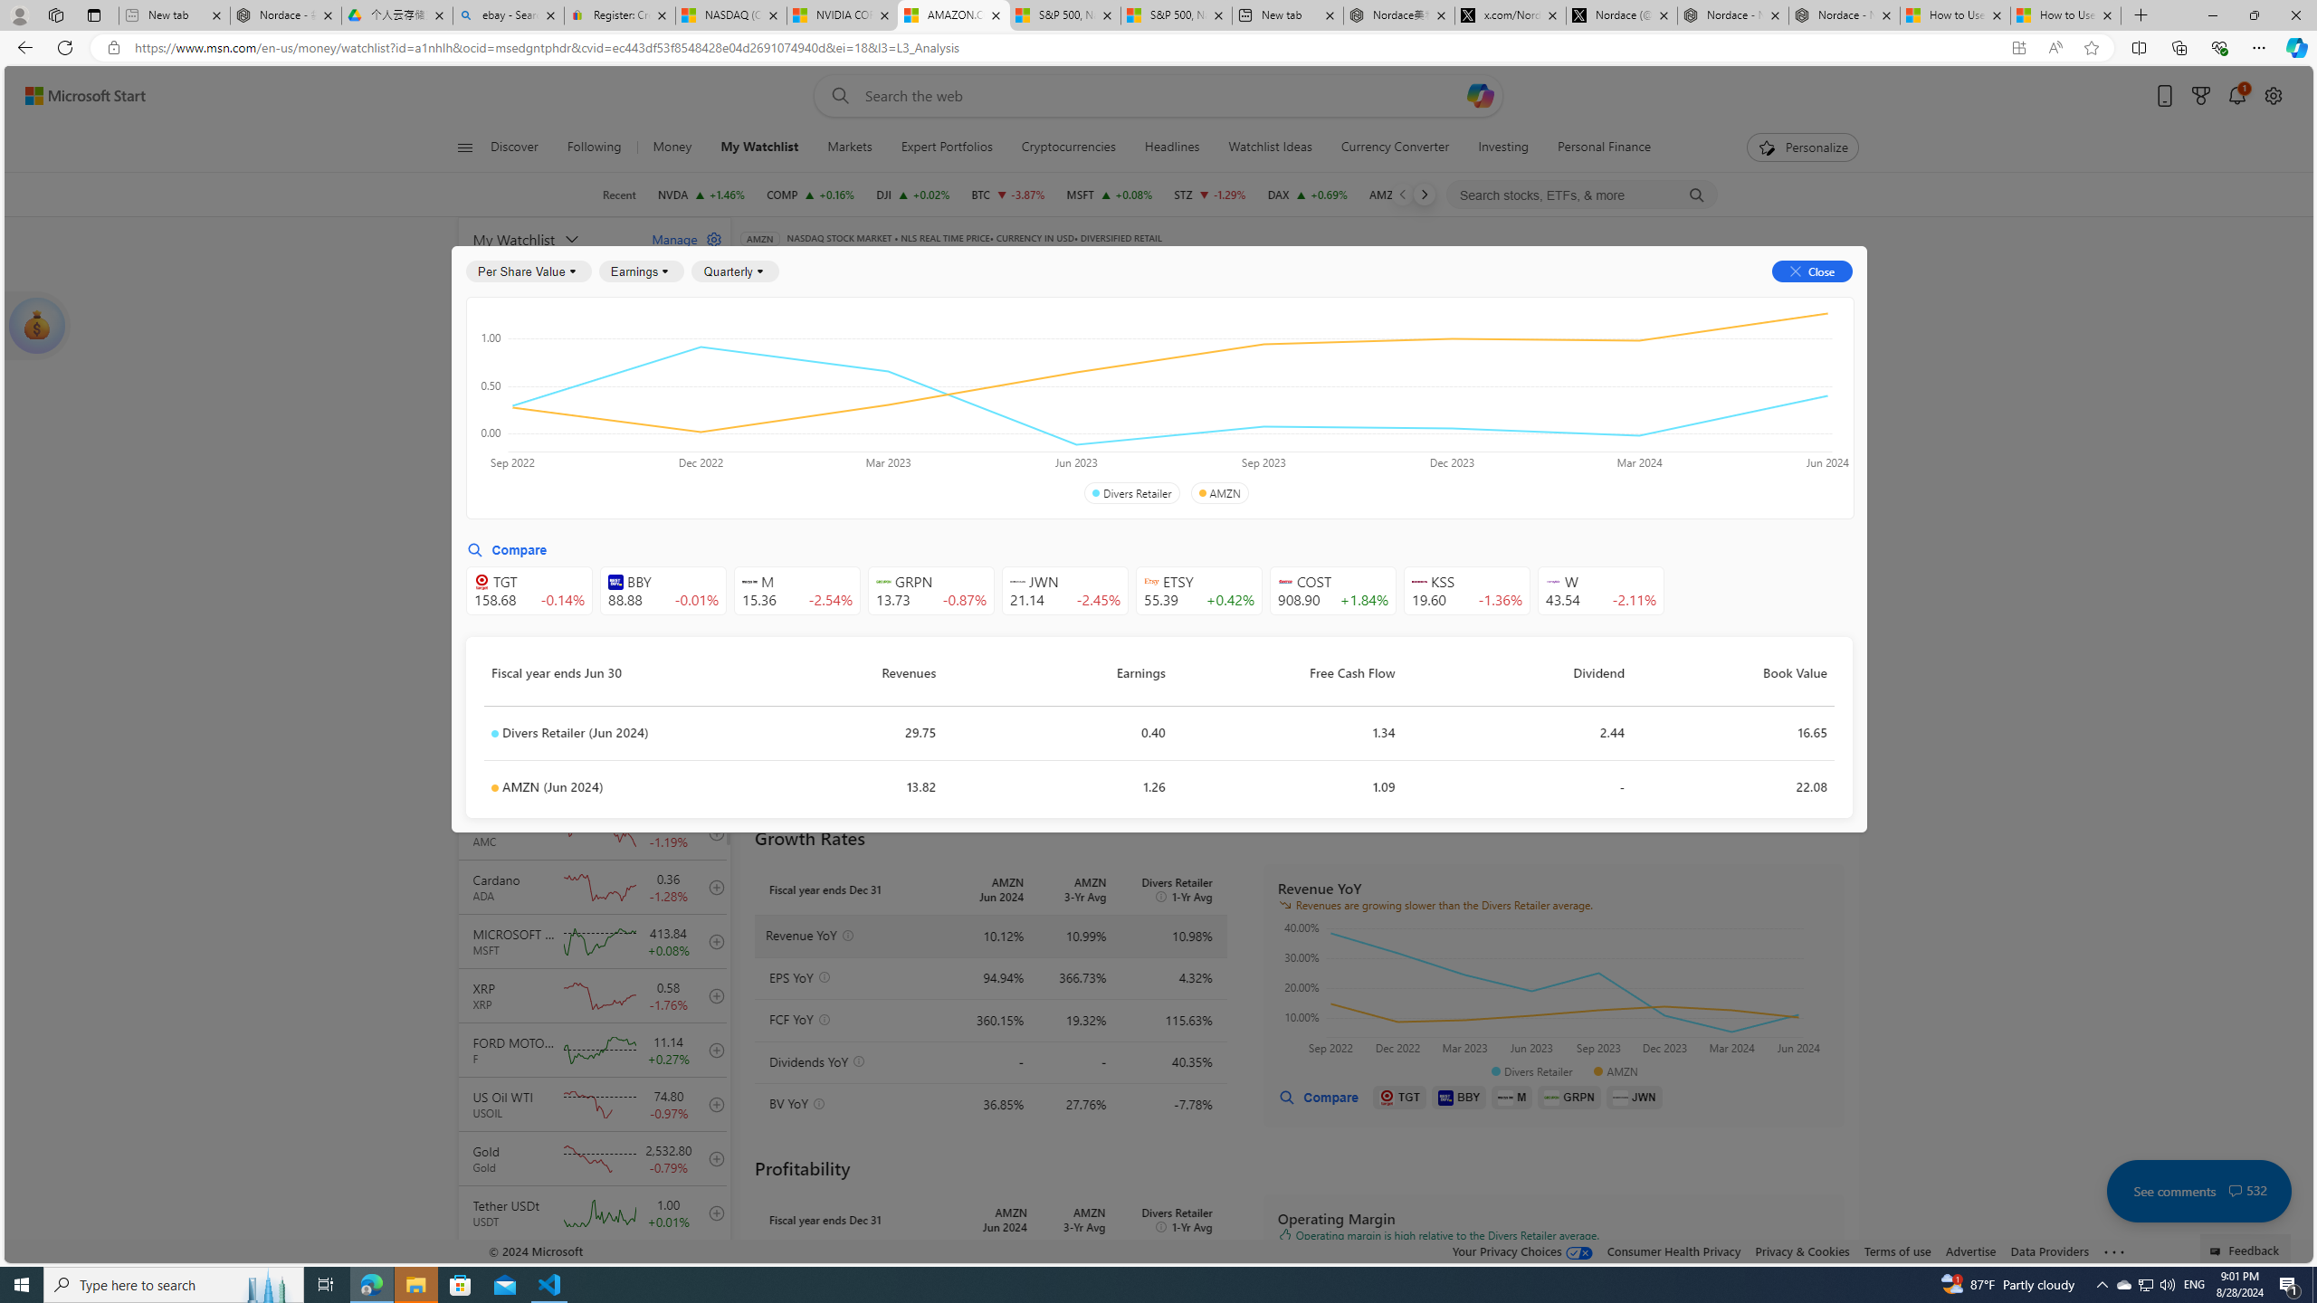 The height and width of the screenshot is (1303, 2317). What do you see at coordinates (1510, 14) in the screenshot?
I see `'x.com/NordaceOfficial'` at bounding box center [1510, 14].